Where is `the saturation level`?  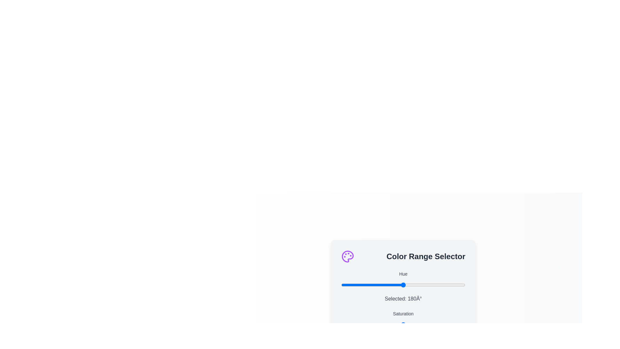
the saturation level is located at coordinates (414, 324).